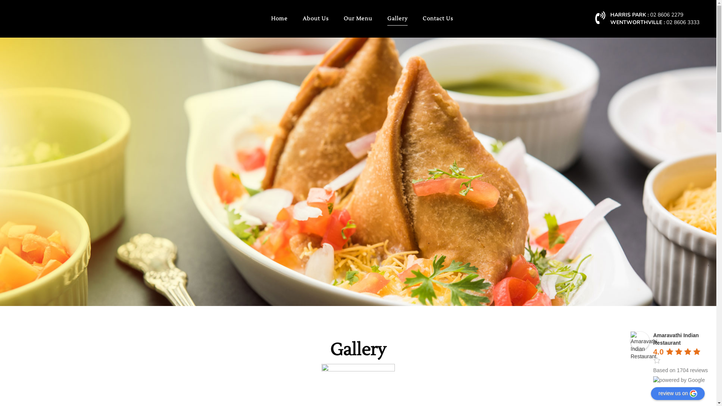 The height and width of the screenshot is (406, 722). I want to click on 'Amaravathi Indian Restaurant', so click(630, 341).